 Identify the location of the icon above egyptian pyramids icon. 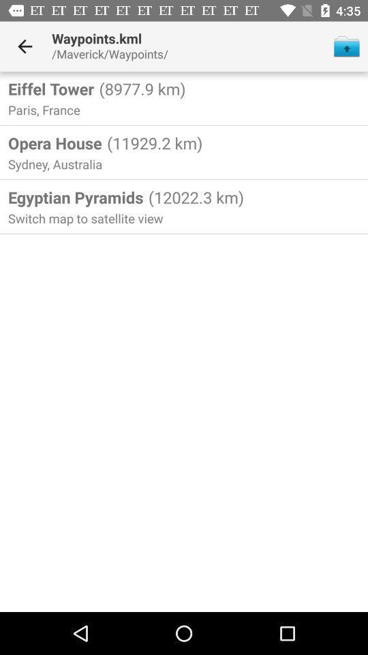
(56, 164).